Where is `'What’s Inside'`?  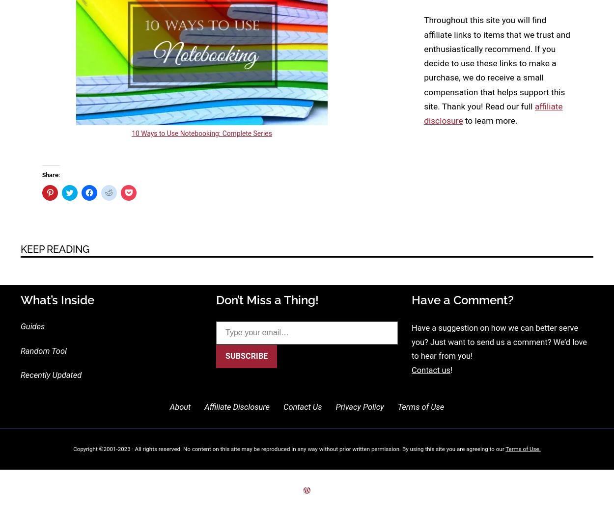 'What’s Inside' is located at coordinates (57, 300).